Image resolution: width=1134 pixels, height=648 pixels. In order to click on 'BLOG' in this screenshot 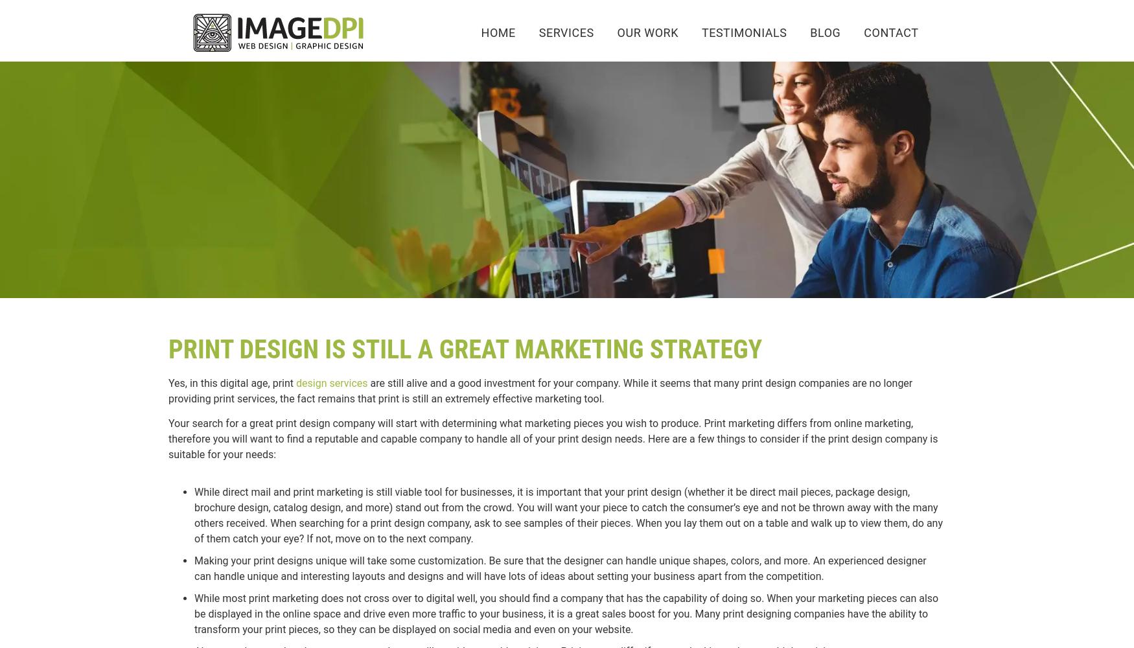, I will do `click(824, 32)`.